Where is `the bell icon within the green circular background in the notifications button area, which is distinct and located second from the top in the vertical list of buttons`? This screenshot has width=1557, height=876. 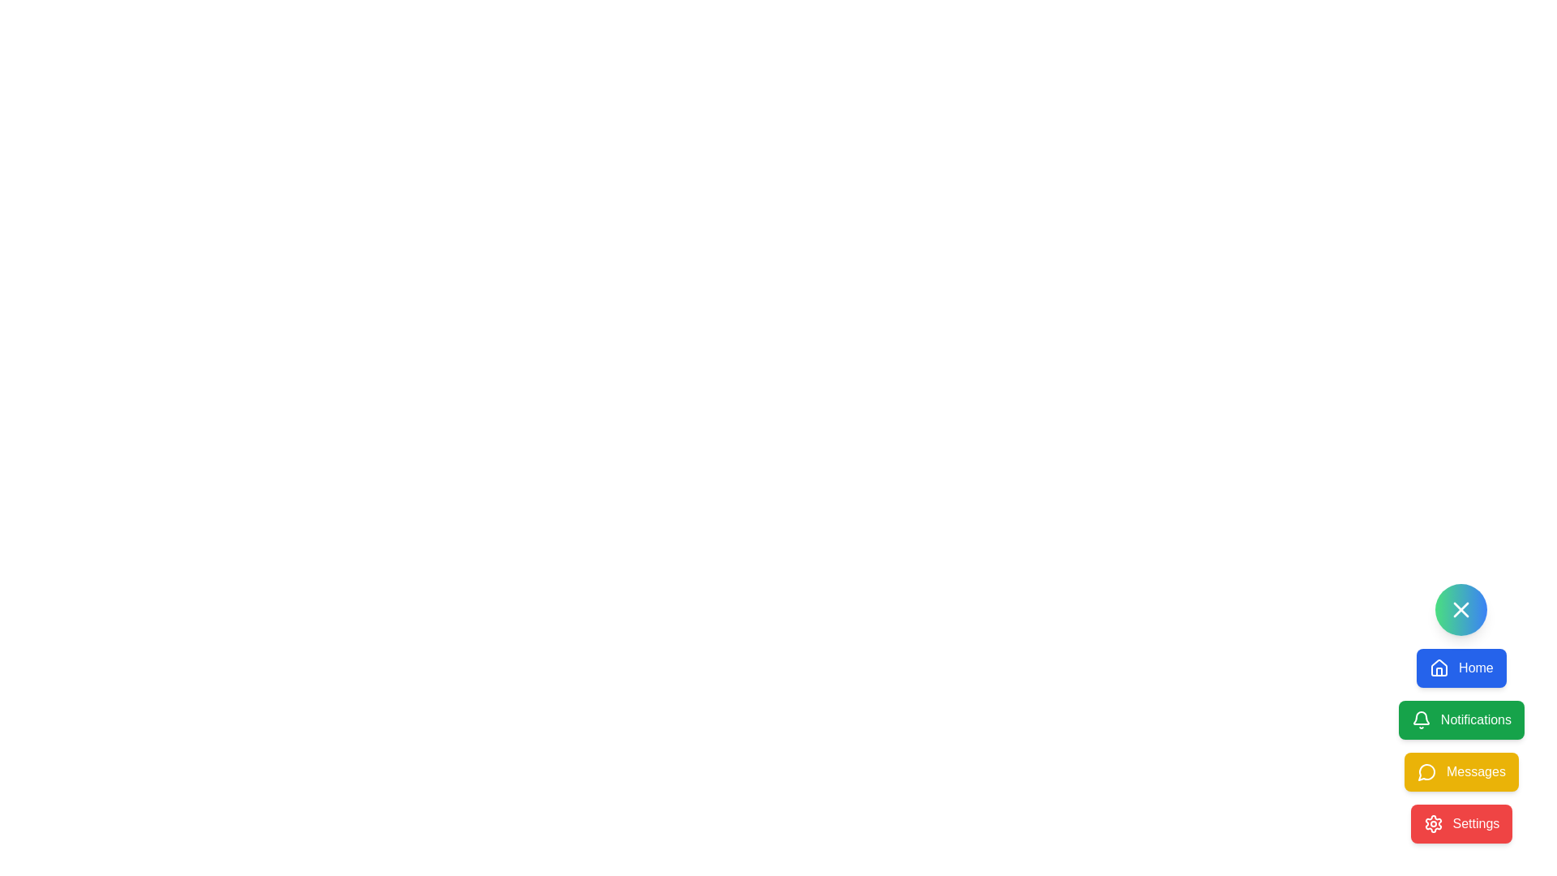 the bell icon within the green circular background in the notifications button area, which is distinct and located second from the top in the vertical list of buttons is located at coordinates (1420, 717).